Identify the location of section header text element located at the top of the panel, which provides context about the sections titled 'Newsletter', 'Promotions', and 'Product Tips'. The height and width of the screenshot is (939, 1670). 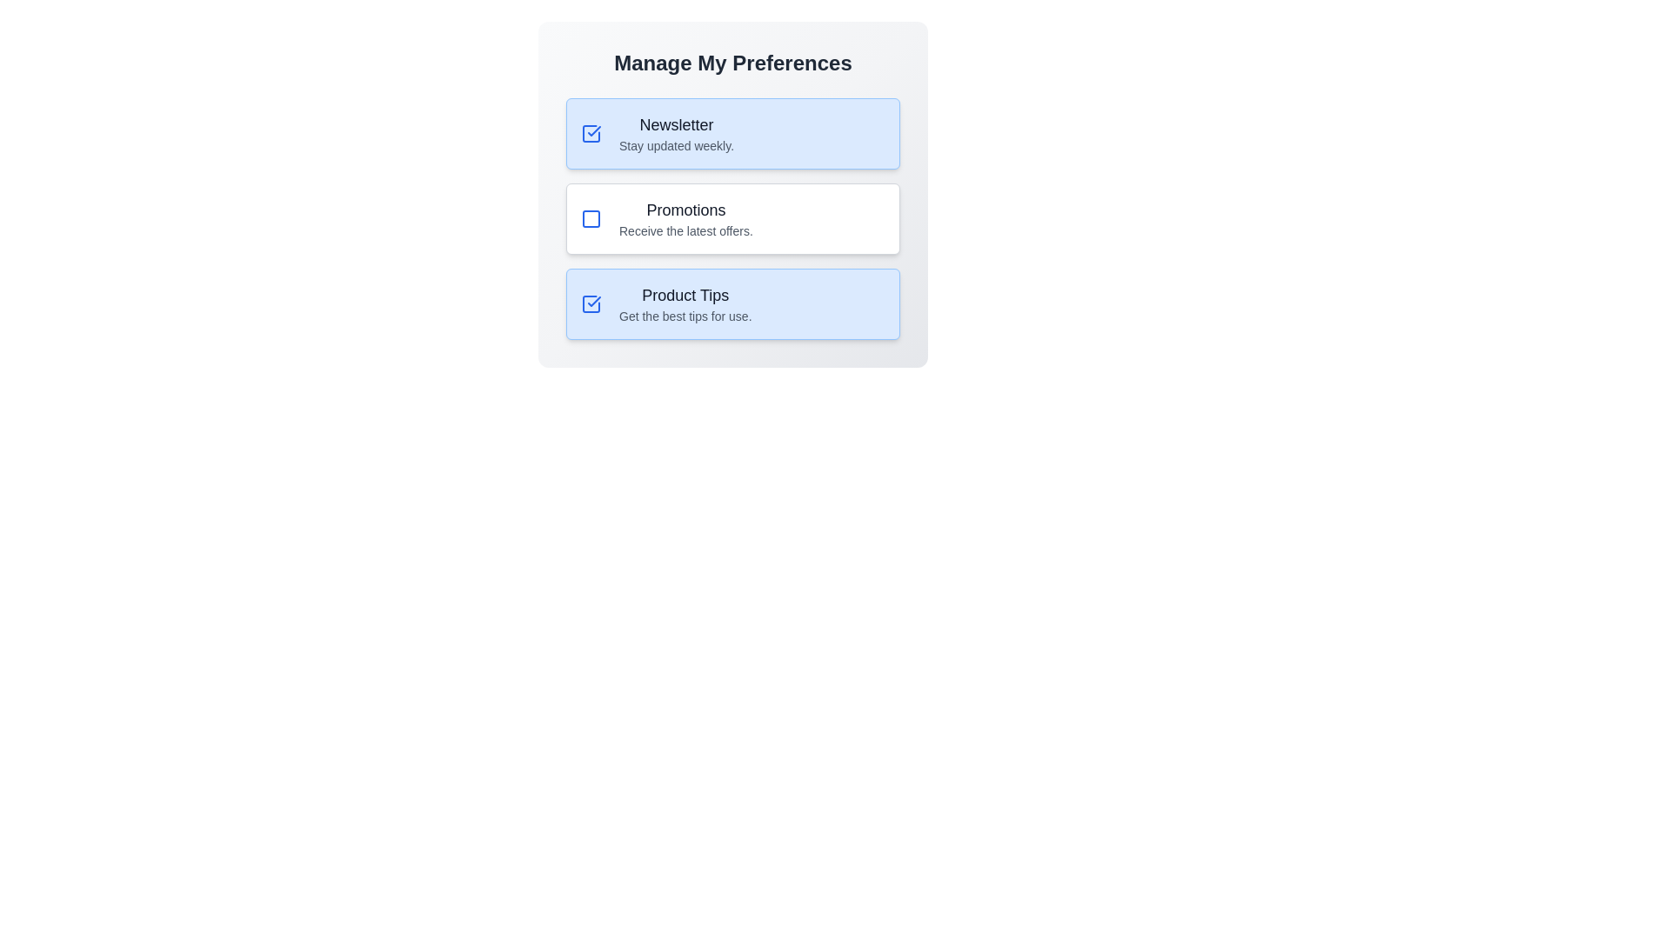
(733, 63).